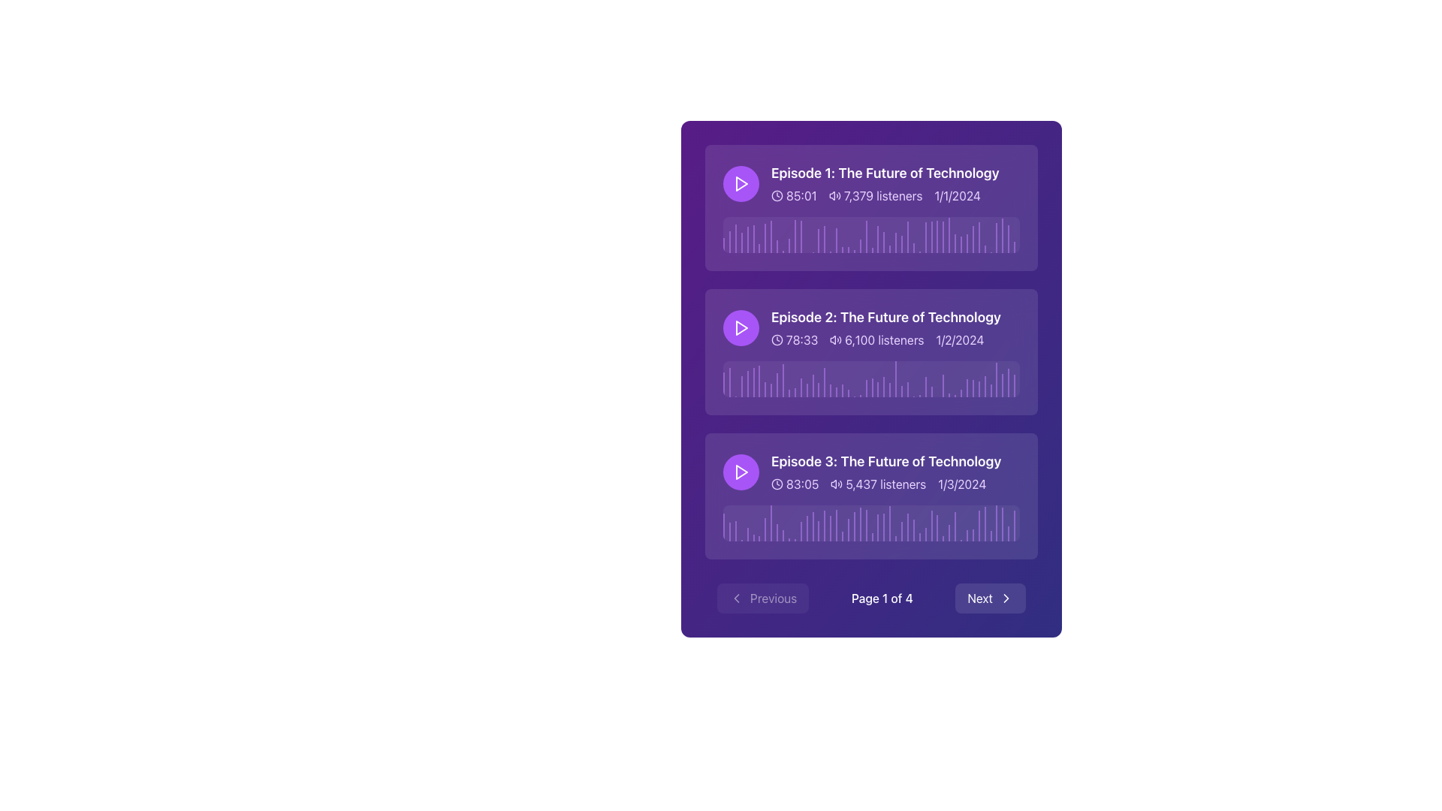 The width and height of the screenshot is (1442, 811). What do you see at coordinates (793, 339) in the screenshot?
I see `the text label displaying the episode duration located at the top-left corner of the second episode card` at bounding box center [793, 339].